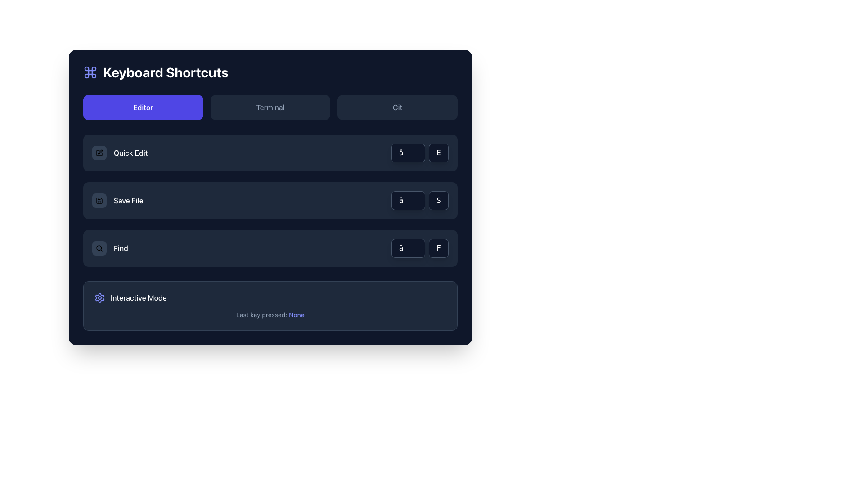 The image size is (864, 486). Describe the element at coordinates (138, 298) in the screenshot. I see `the 'Interactive Mode' label, which is a white text label displayed against a dark background` at that location.